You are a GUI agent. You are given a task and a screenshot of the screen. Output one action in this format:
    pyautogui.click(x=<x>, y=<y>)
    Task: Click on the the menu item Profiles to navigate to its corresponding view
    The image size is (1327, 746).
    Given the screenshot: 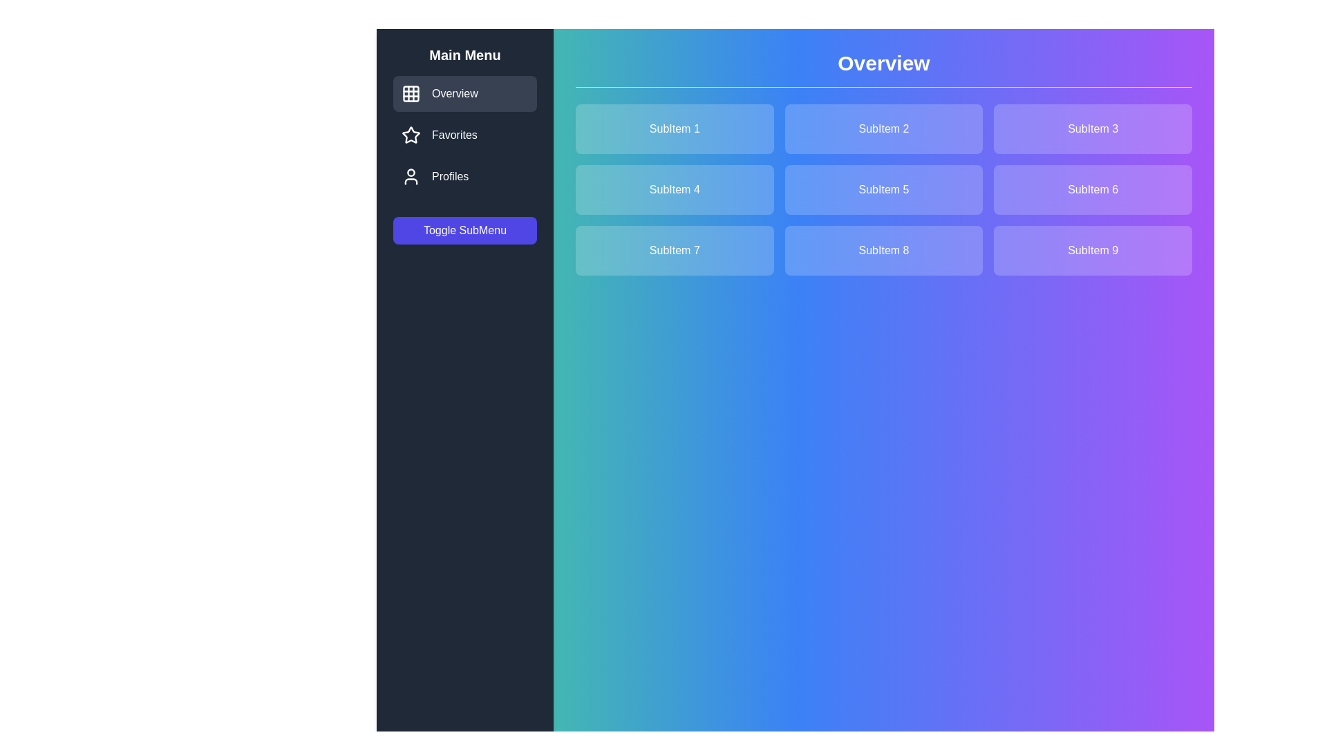 What is the action you would take?
    pyautogui.click(x=464, y=175)
    